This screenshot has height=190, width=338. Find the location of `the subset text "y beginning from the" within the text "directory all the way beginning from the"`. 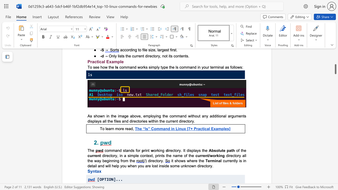

the subset text "y beginning from the" within the text "directory all the way beginning from the" is located at coordinates (99, 160).